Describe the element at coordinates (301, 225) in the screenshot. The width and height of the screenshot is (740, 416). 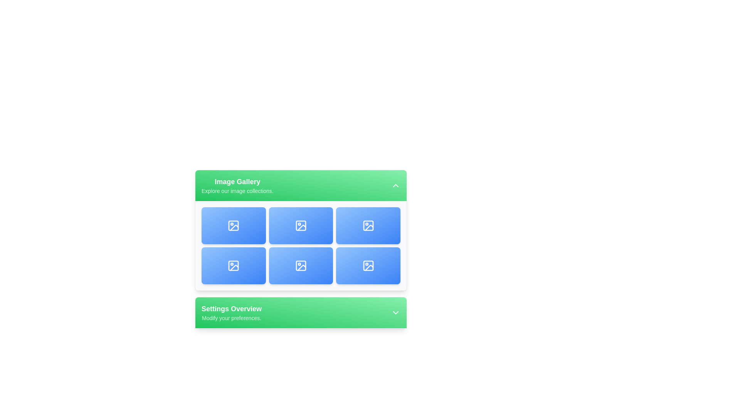
I see `the first icon button in the middle row of the 3x2 grid layout in the 'Image Gallery' section` at that location.